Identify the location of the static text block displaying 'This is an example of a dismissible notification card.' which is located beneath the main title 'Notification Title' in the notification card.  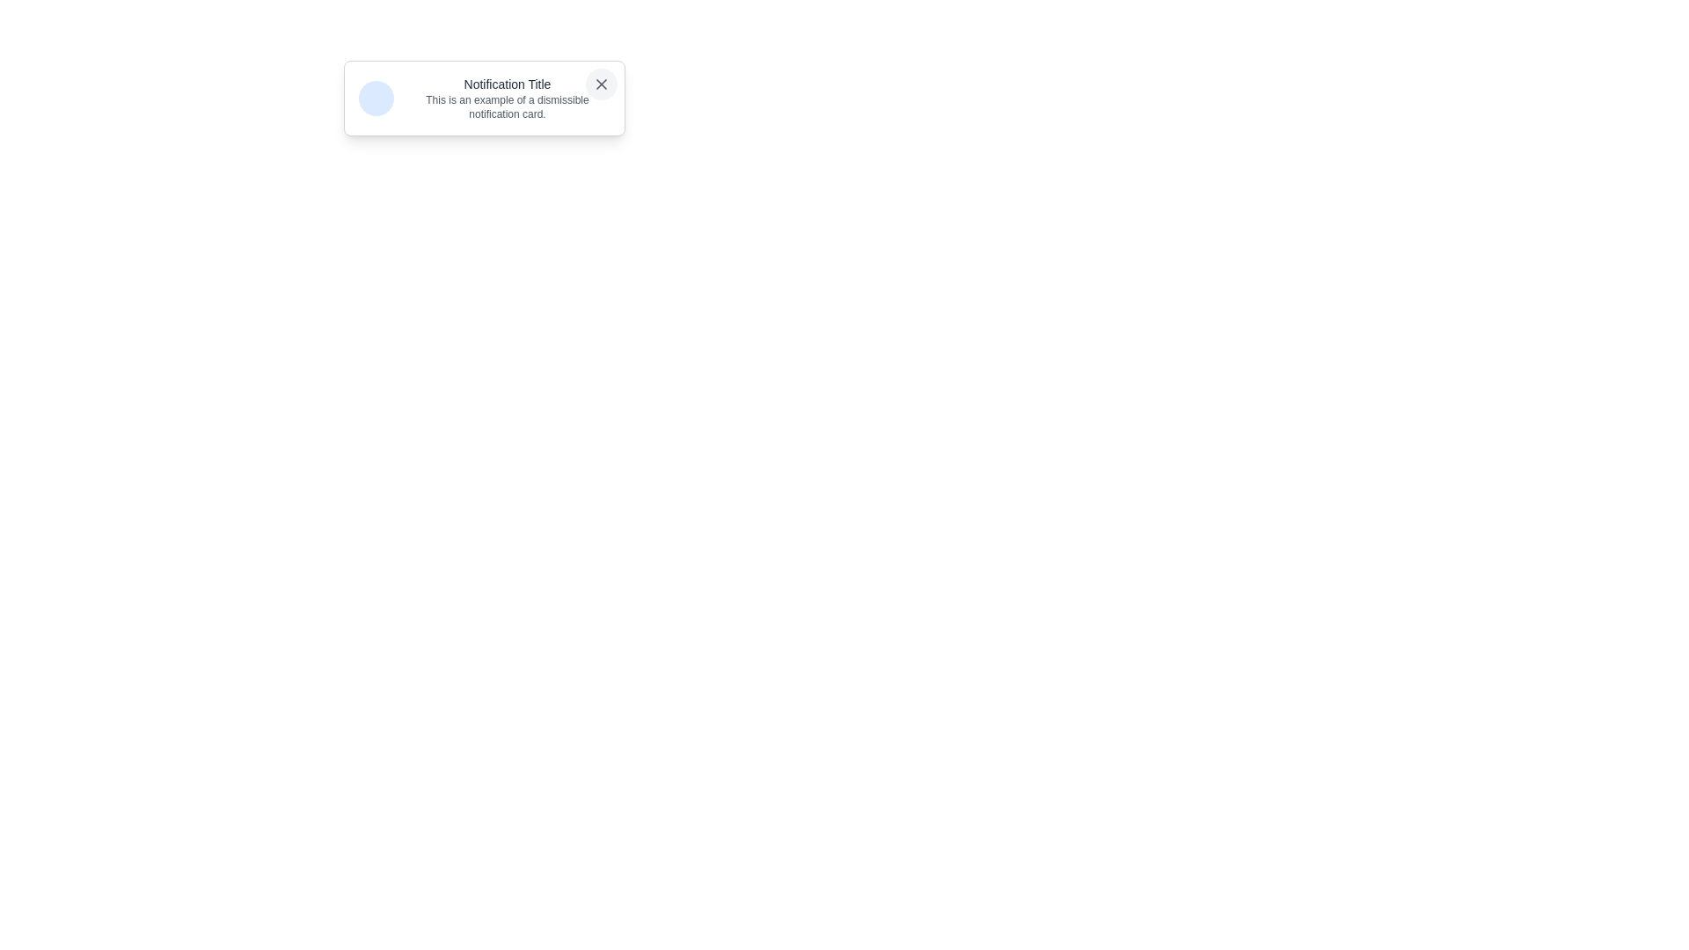
(506, 107).